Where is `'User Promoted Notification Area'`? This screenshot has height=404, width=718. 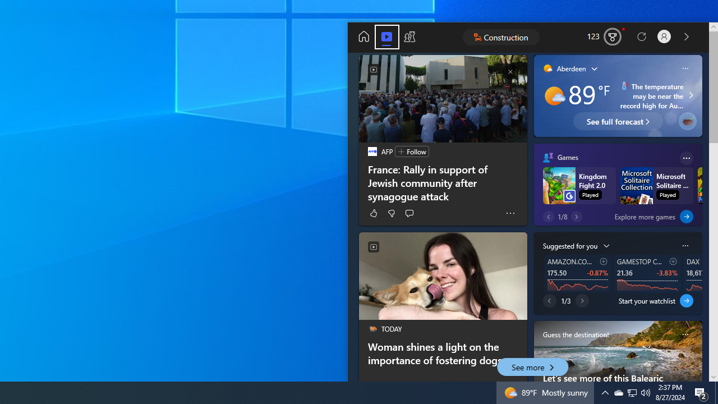
'User Promoted Notification Area' is located at coordinates (618, 392).